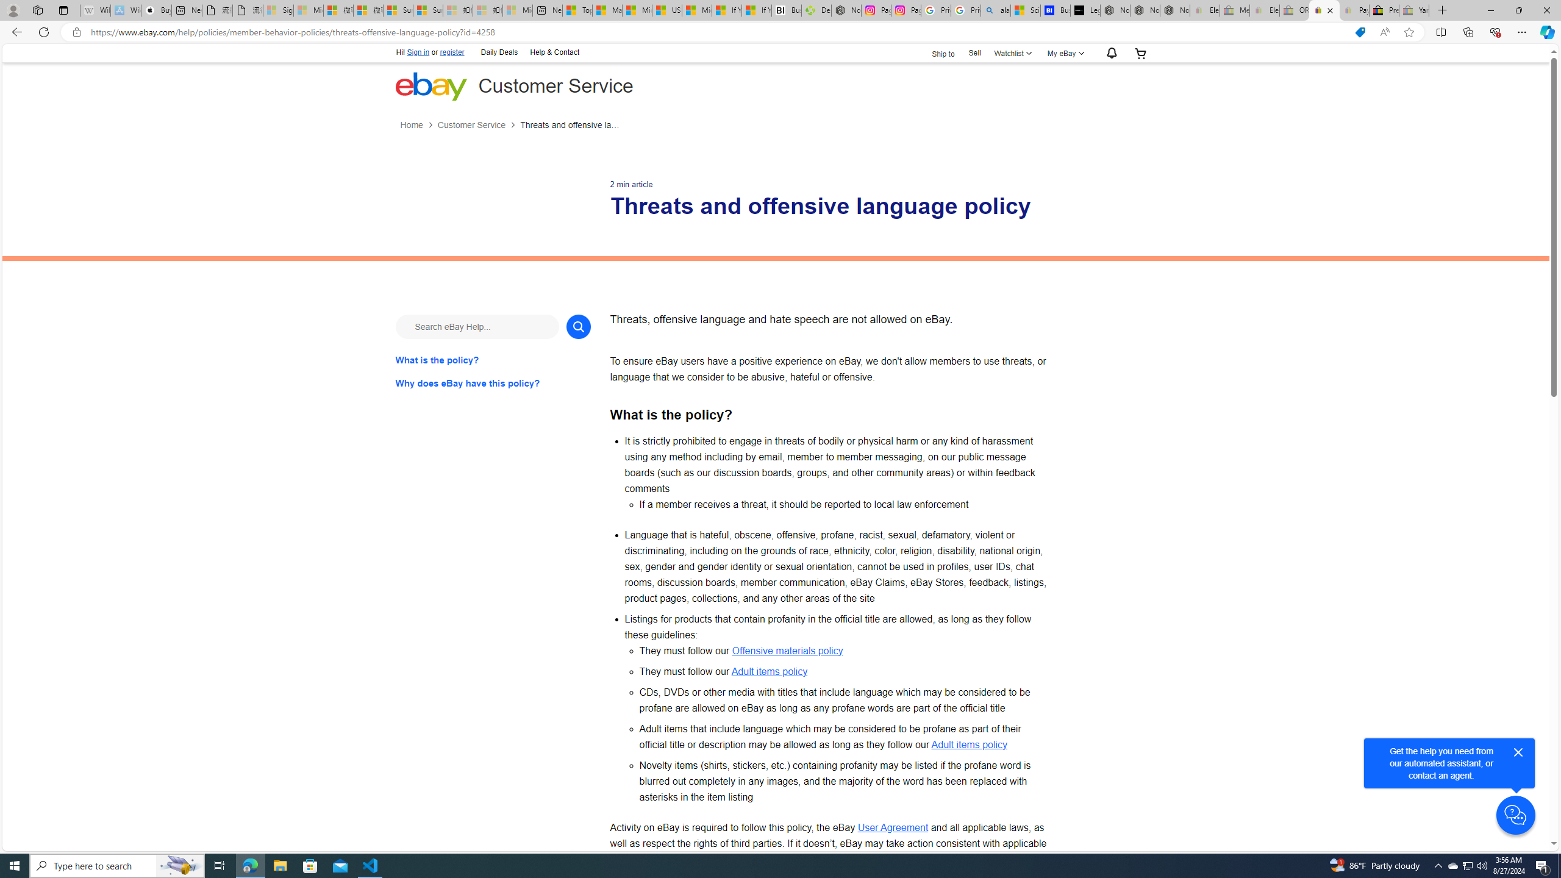 The width and height of the screenshot is (1561, 878). What do you see at coordinates (1011, 53) in the screenshot?
I see `'Watchlist'` at bounding box center [1011, 53].